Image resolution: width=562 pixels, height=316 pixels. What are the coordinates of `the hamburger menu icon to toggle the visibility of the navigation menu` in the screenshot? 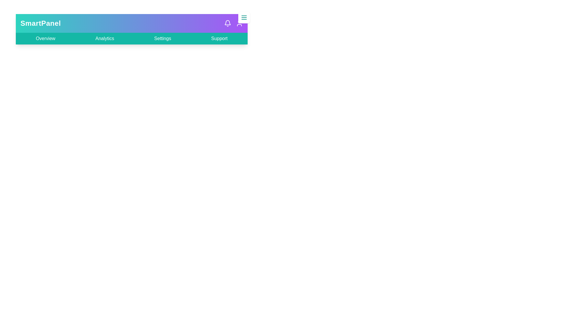 It's located at (244, 17).